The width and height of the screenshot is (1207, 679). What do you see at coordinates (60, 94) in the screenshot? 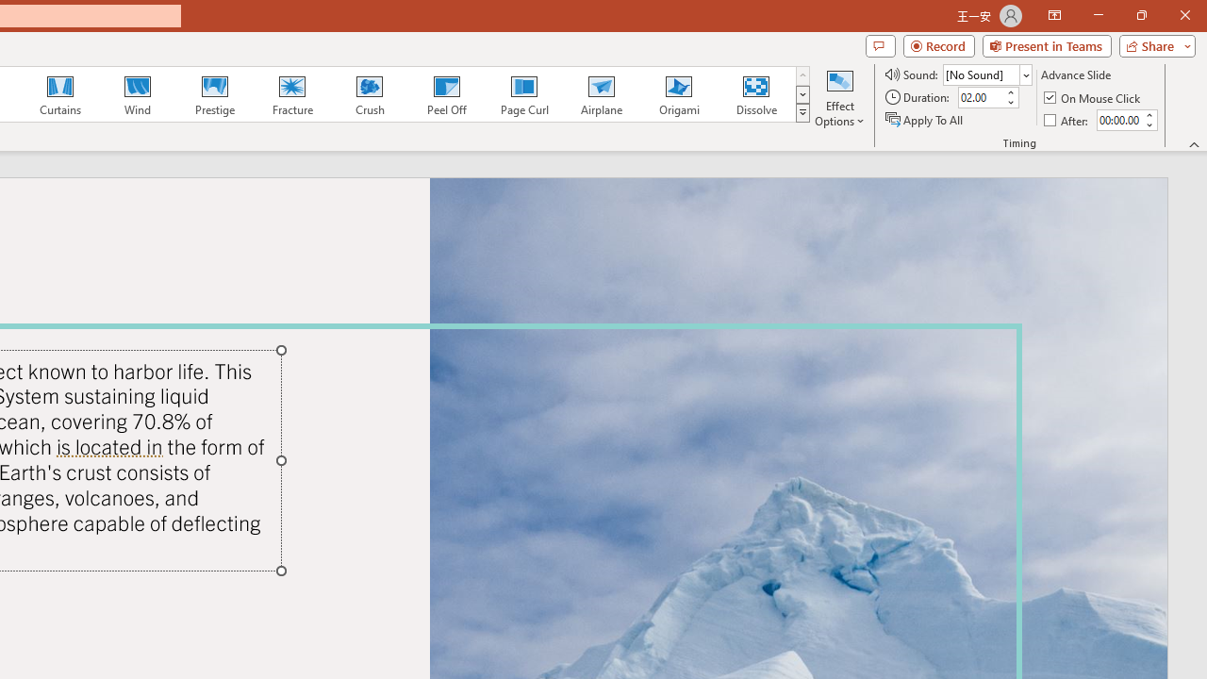
I see `'Curtains'` at bounding box center [60, 94].